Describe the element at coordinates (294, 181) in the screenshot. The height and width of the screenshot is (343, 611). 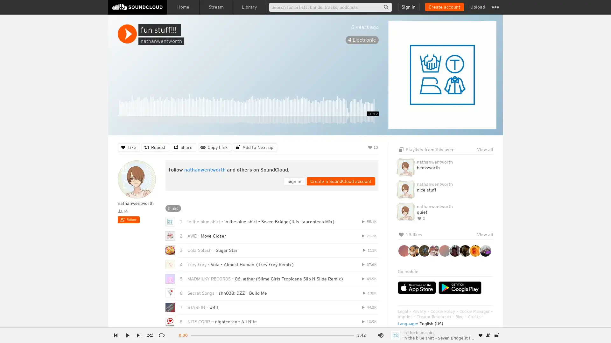
I see `Sign in` at that location.